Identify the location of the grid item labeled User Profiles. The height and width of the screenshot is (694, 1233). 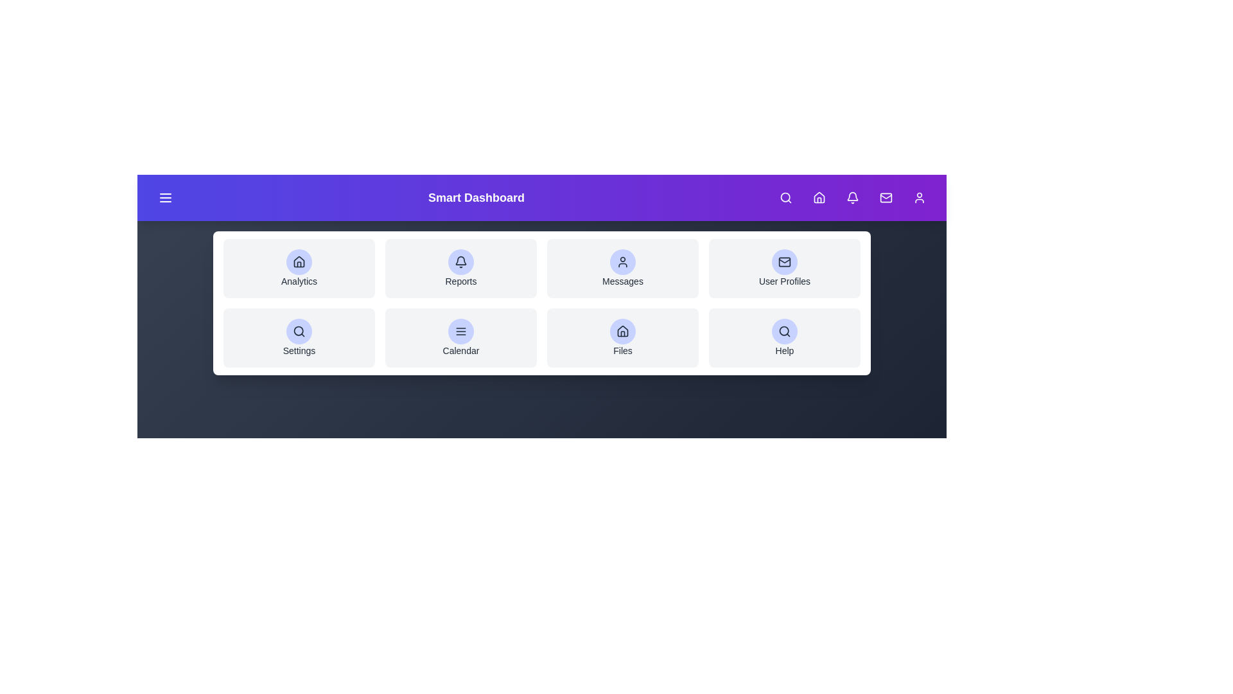
(784, 267).